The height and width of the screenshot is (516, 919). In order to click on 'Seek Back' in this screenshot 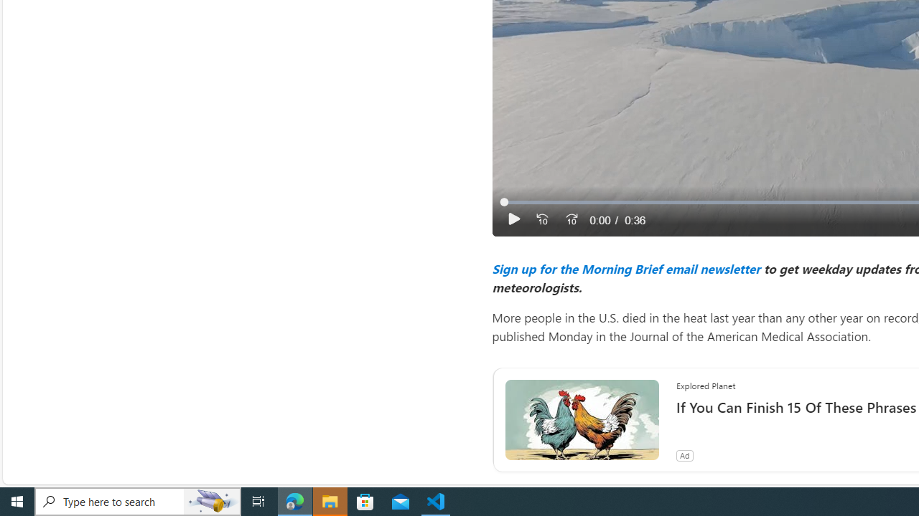, I will do `click(541, 219)`.